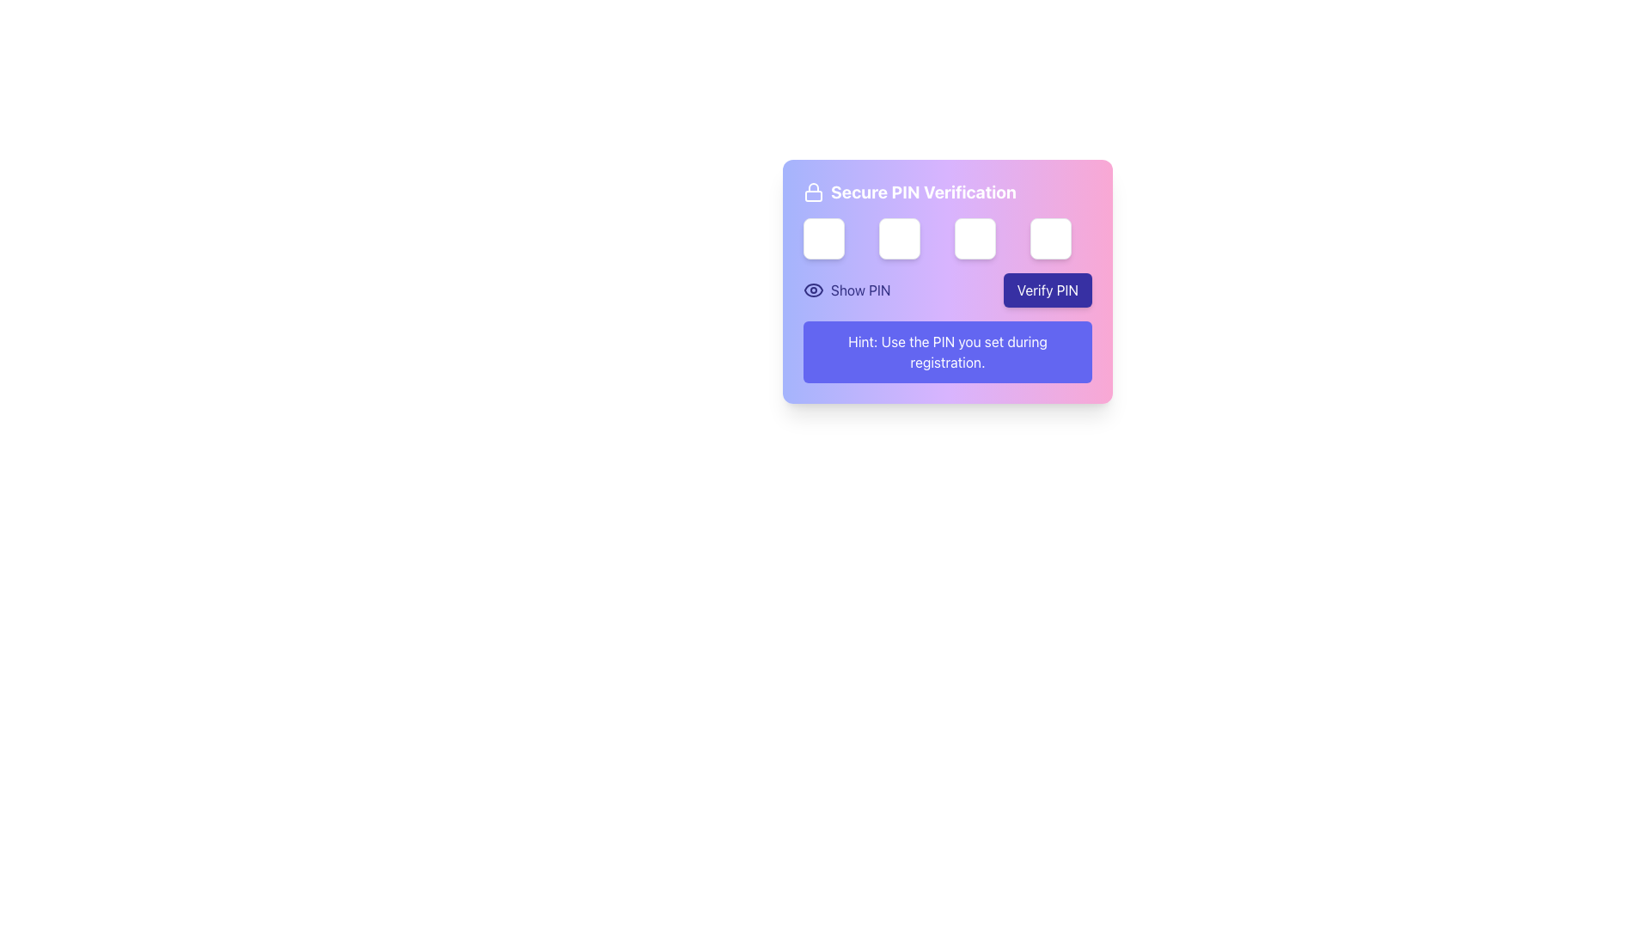  What do you see at coordinates (812, 195) in the screenshot?
I see `the decorative graphical component located at the center of the lock icon in the 'Secure PIN Verification' modal dialog` at bounding box center [812, 195].